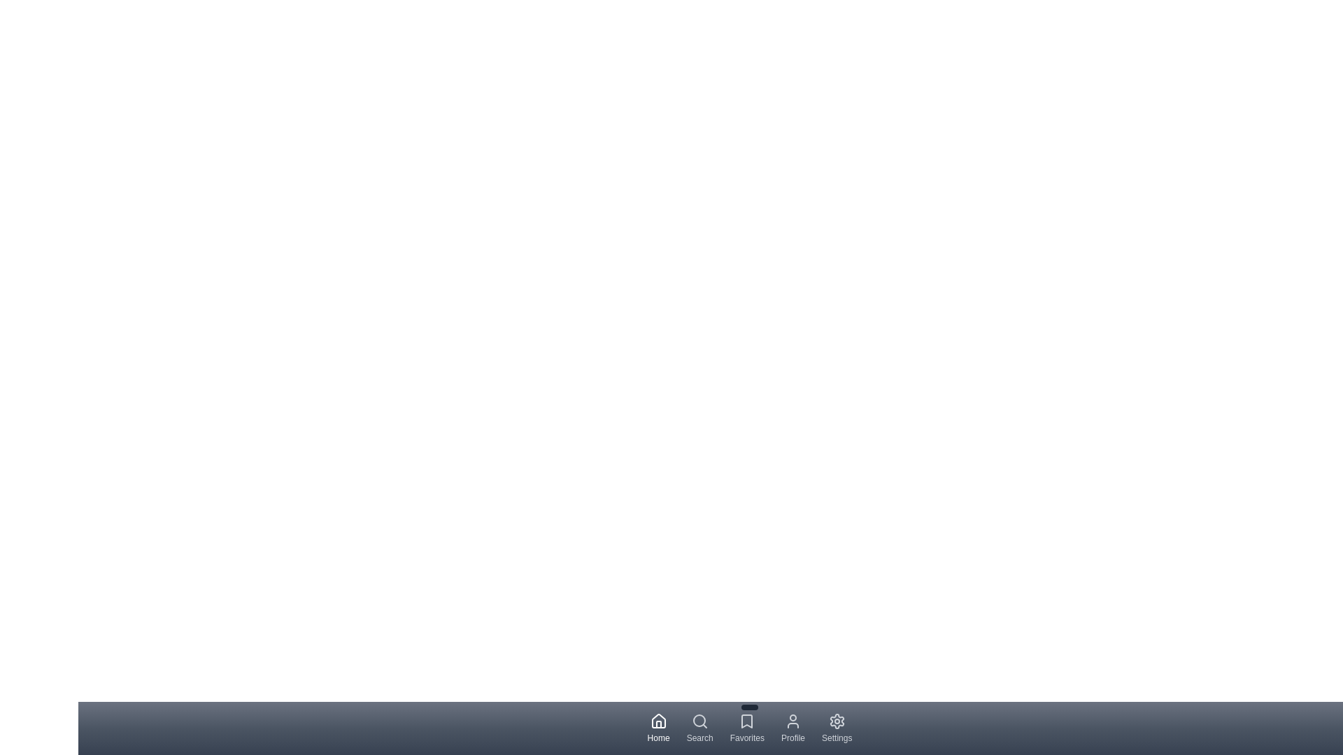 The height and width of the screenshot is (755, 1343). I want to click on the navigation tab labeled Search to display its tooltip, so click(699, 727).